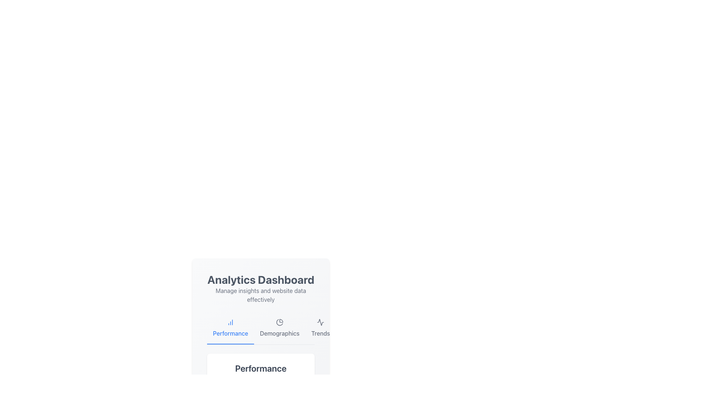 This screenshot has width=705, height=397. Describe the element at coordinates (279, 322) in the screenshot. I see `the 'Demographics' icon located in the middle of the navbar, positioned between the 'Performance' and 'Trends' icons` at that location.